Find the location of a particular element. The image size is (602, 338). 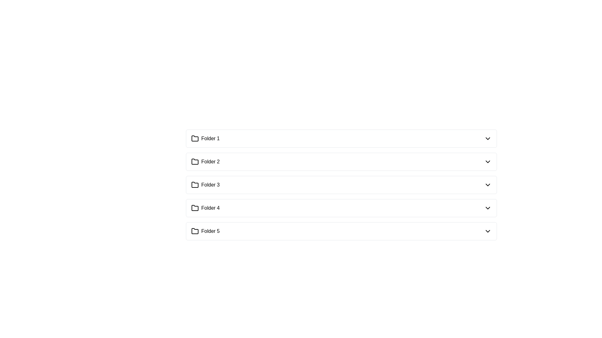

the 'Folder 1' label which is visually represented with a folder icon and is the first item in the vertical list of folder entries is located at coordinates (205, 138).